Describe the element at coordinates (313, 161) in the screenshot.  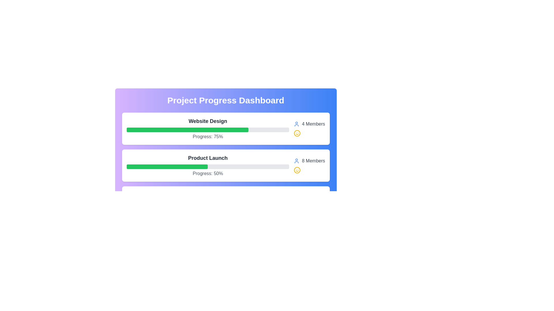
I see `the Text Label indicating the number of members involved in the 'Product Launch' project, located near the top-right corner of the 'Product Launch' progress section` at that location.